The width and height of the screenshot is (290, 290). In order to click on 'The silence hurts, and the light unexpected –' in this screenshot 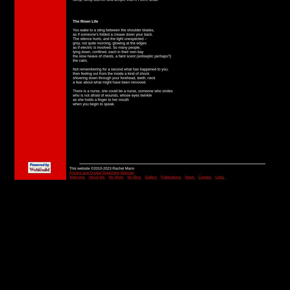, I will do `click(110, 38)`.